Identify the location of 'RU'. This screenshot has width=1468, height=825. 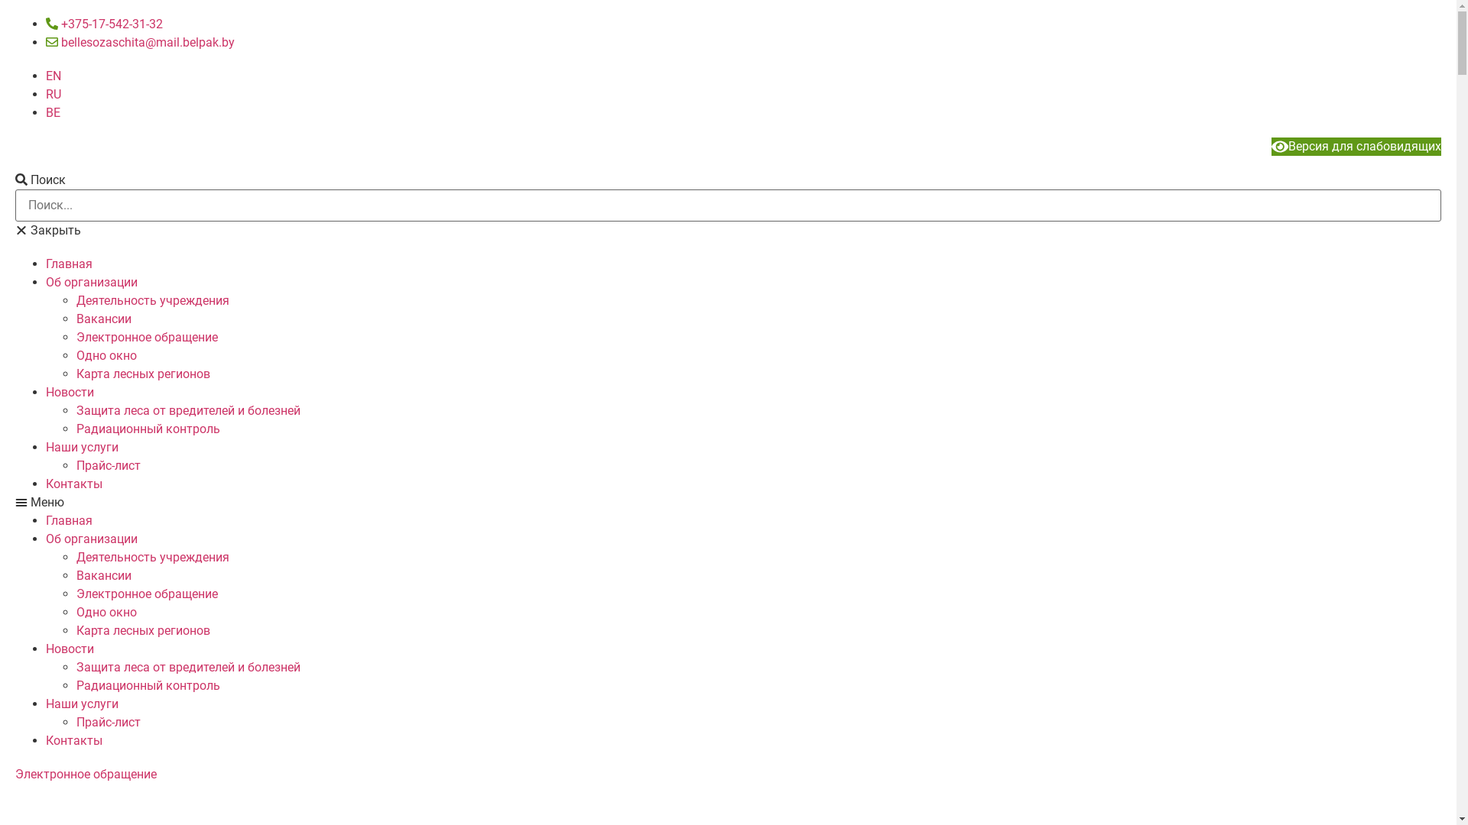
(54, 94).